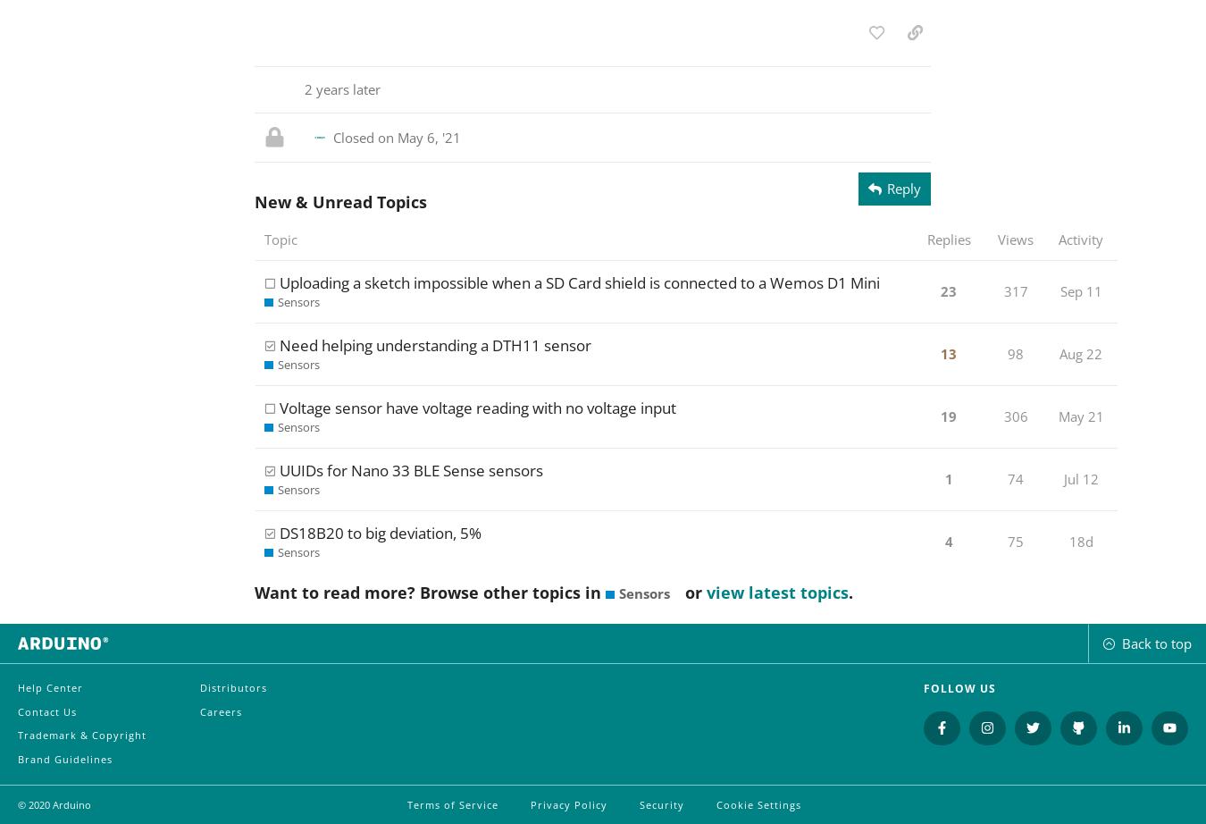  What do you see at coordinates (355, 136) in the screenshot?
I see `'Closed'` at bounding box center [355, 136].